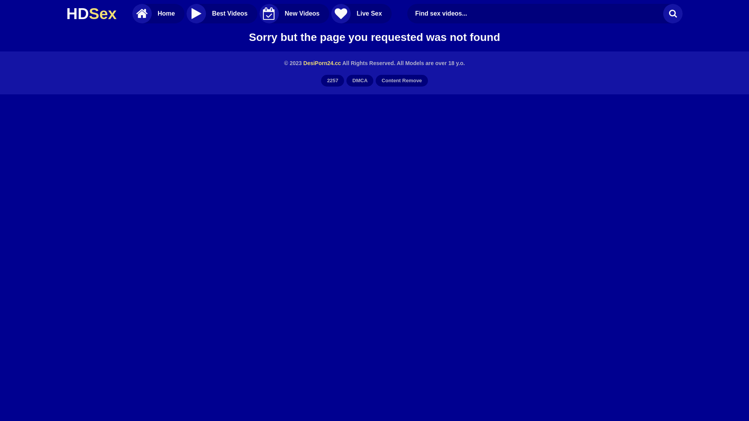  What do you see at coordinates (221, 13) in the screenshot?
I see `'Best Videos'` at bounding box center [221, 13].